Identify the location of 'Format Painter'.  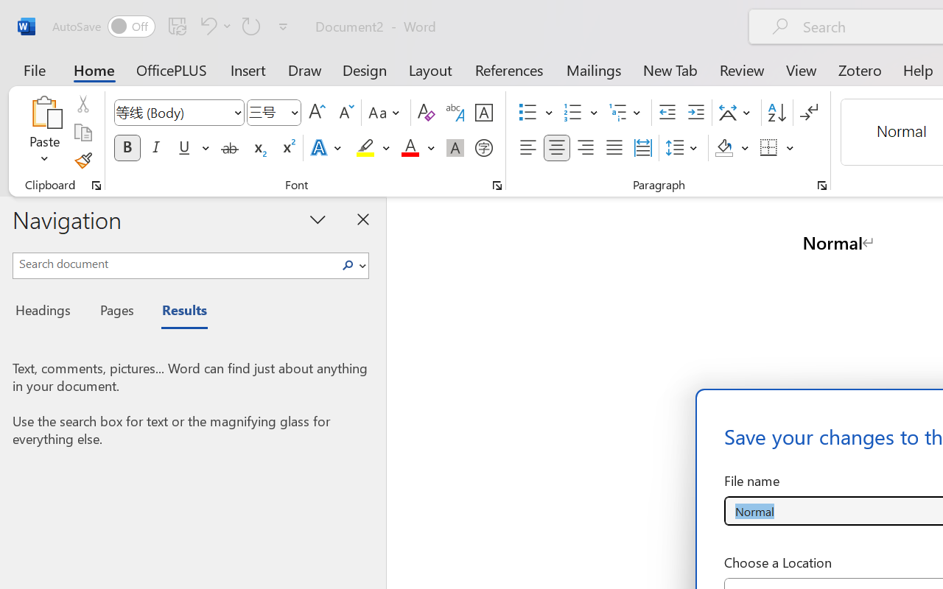
(82, 161).